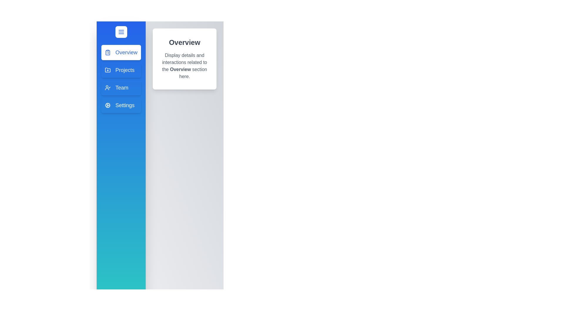  Describe the element at coordinates (121, 32) in the screenshot. I see `toggle button to change the drawer state` at that location.